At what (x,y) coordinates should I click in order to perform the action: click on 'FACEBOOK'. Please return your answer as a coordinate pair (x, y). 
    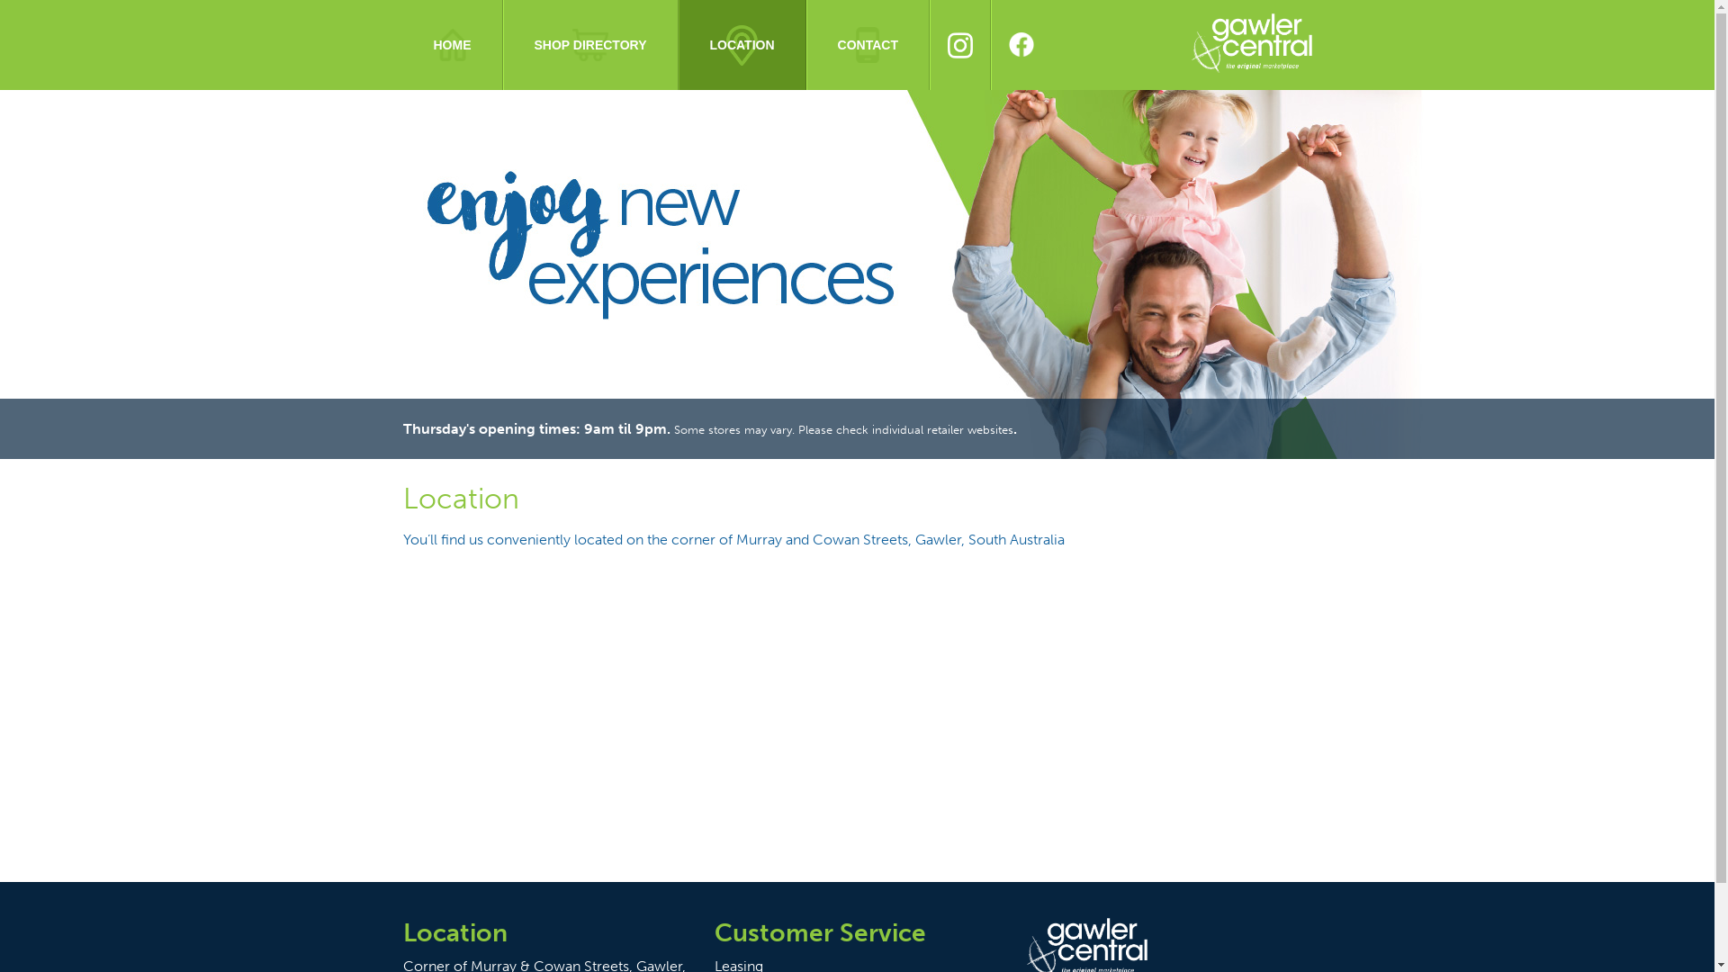
    Looking at the image, I should click on (989, 44).